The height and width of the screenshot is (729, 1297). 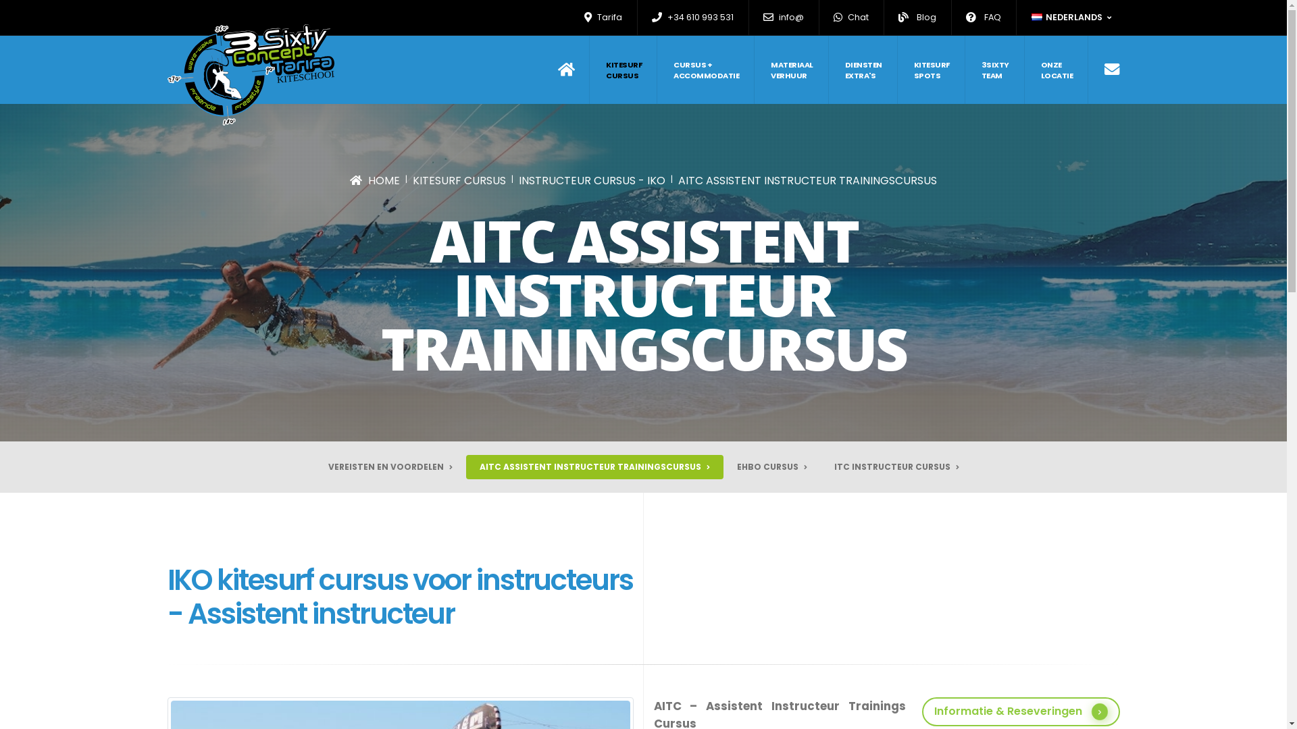 What do you see at coordinates (574, 70) in the screenshot?
I see `'Home'` at bounding box center [574, 70].